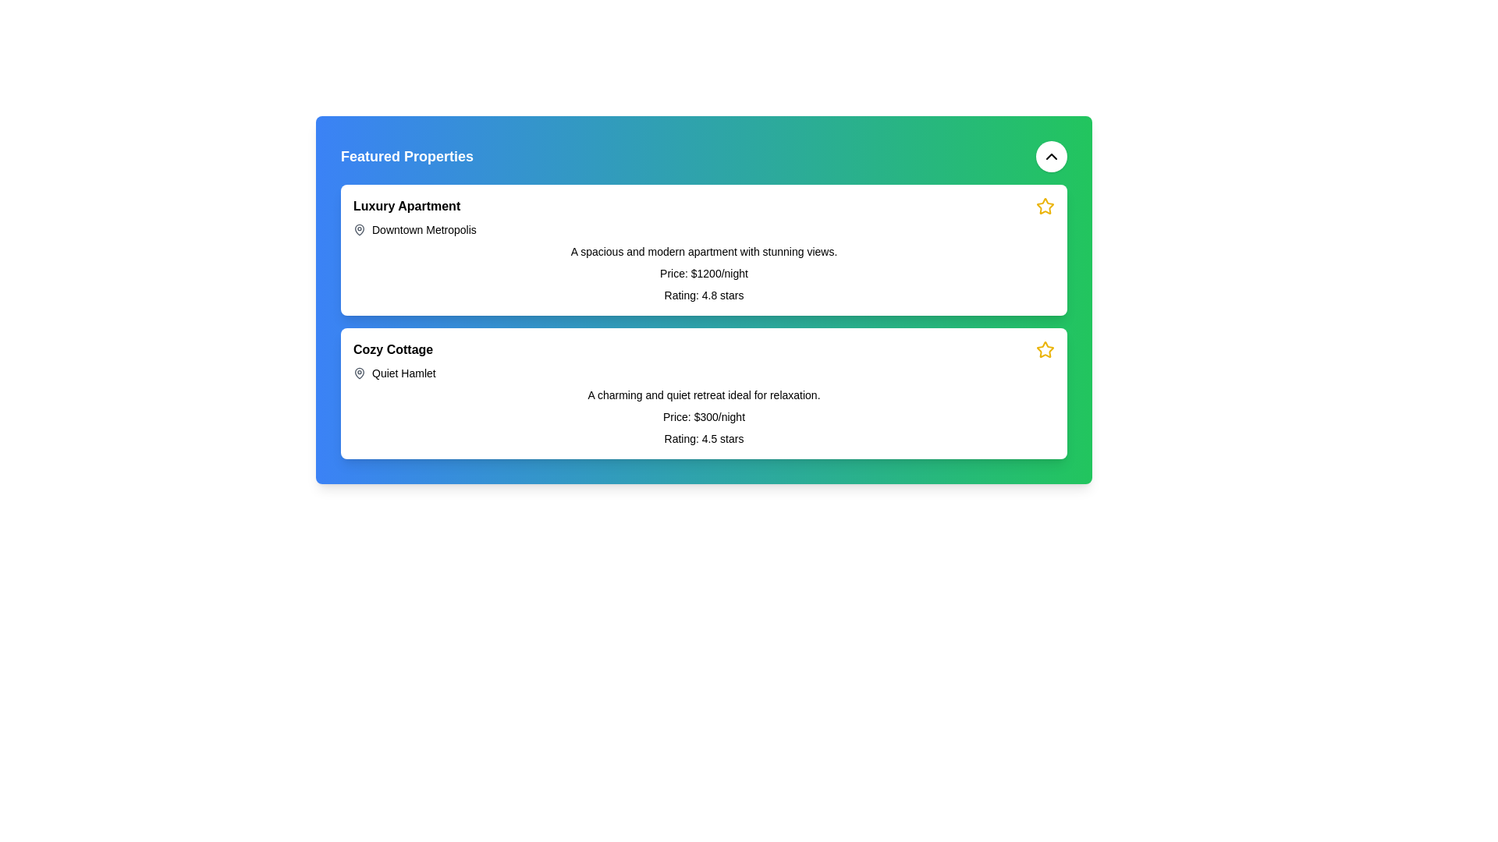 This screenshot has height=842, width=1498. What do you see at coordinates (358, 373) in the screenshot?
I see `the icon indicating the geographic reference for the property 'Cozy Cottage' located in the second card of the property list, next to the header 'Cozy Cottage' and to the left of the subtext 'Quiet Hamlet'` at bounding box center [358, 373].